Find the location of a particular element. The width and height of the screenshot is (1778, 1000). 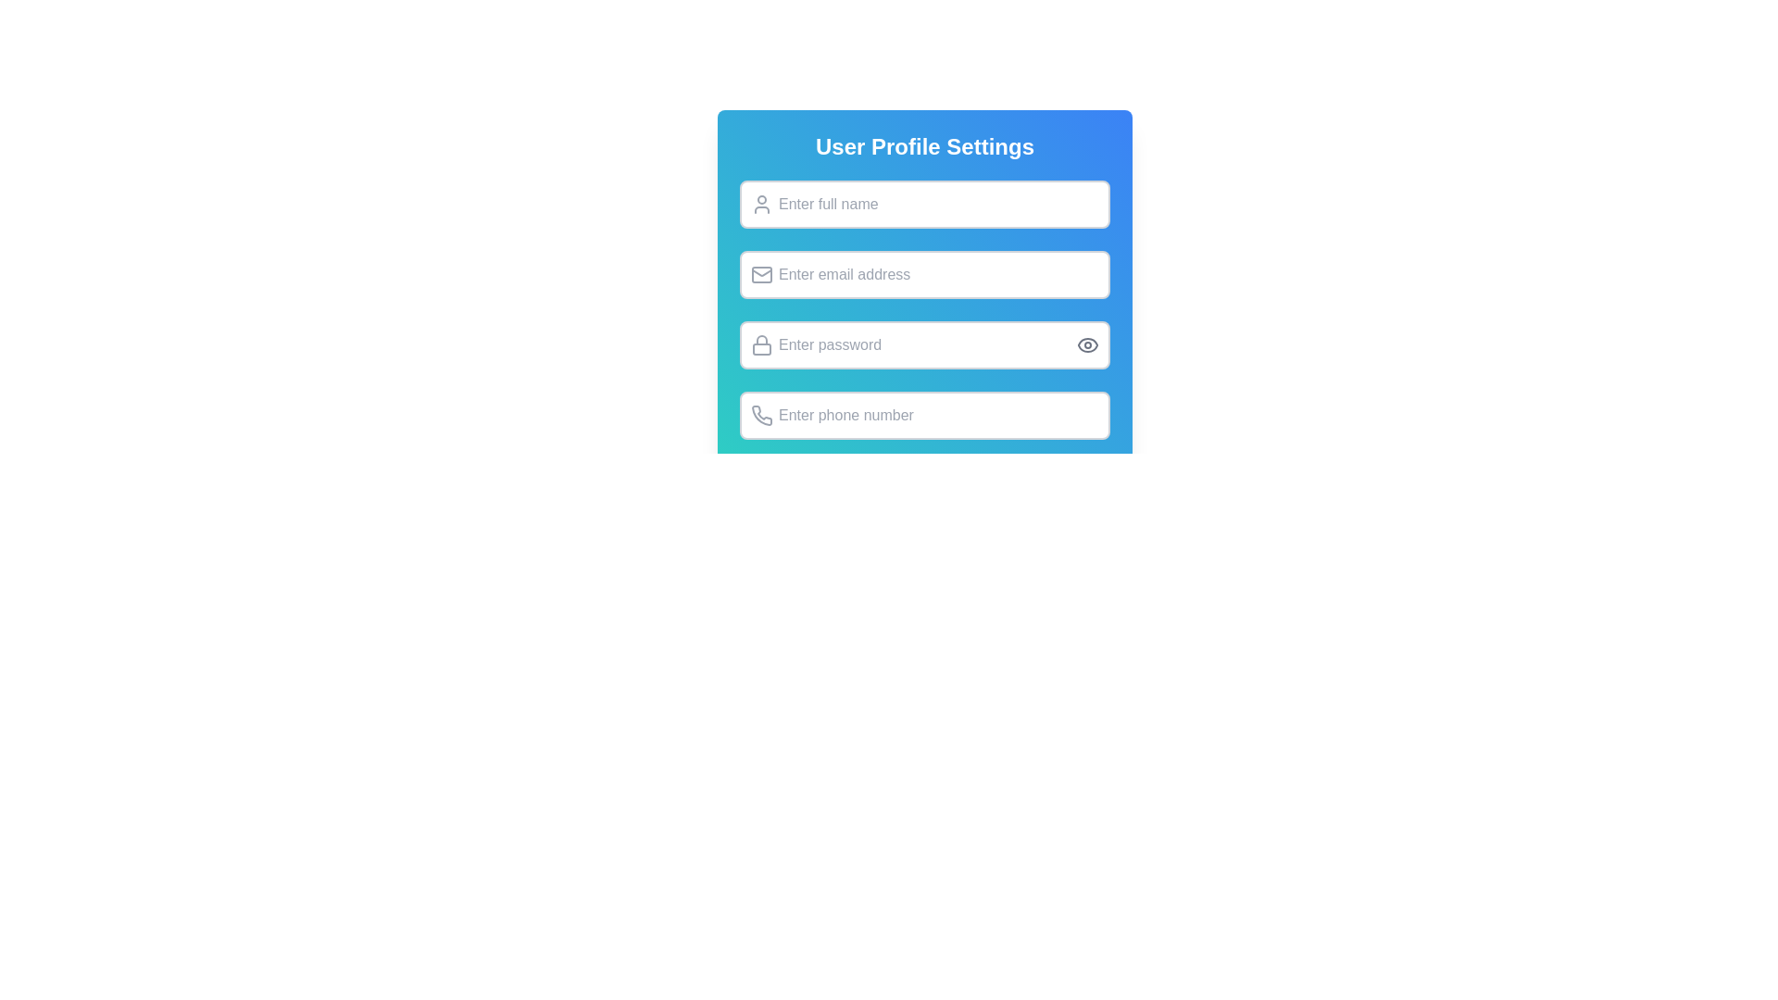

the phone icon on the left side of the input field labeled 'Enter phone number', which is the fourth field from the top in the layout is located at coordinates (762, 414).